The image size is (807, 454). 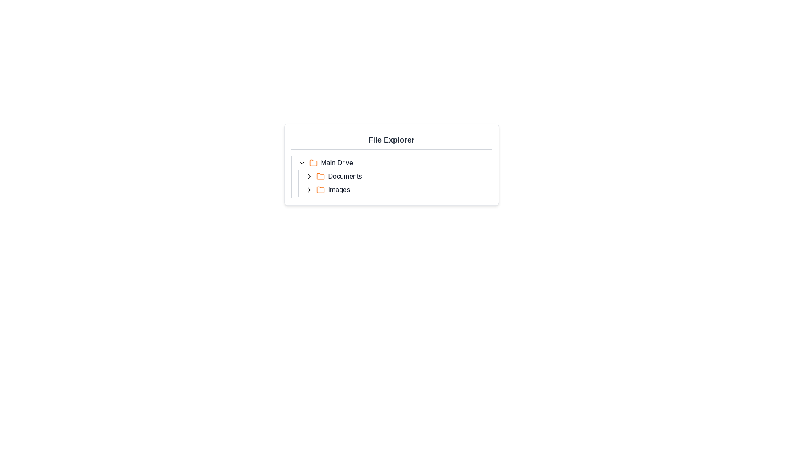 What do you see at coordinates (320, 176) in the screenshot?
I see `the folder icon labeled 'Documents' located in the second row of the file structure` at bounding box center [320, 176].